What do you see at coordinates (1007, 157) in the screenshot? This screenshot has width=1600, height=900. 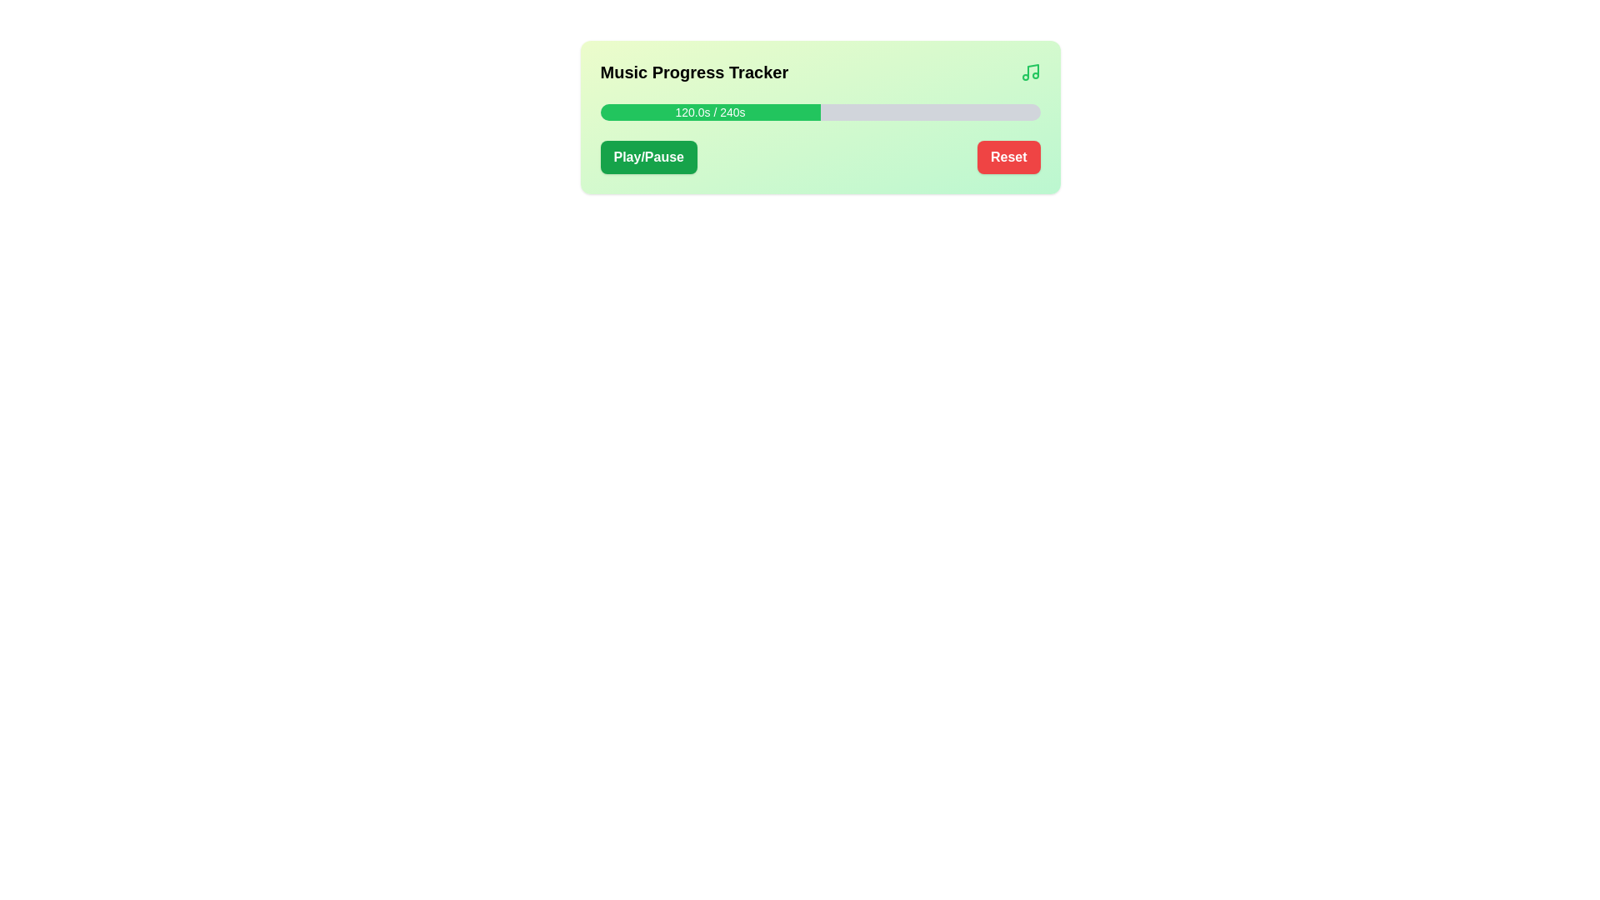 I see `the reset button of the 'Music Progress Tracker', located on the right side of the control section` at bounding box center [1007, 157].